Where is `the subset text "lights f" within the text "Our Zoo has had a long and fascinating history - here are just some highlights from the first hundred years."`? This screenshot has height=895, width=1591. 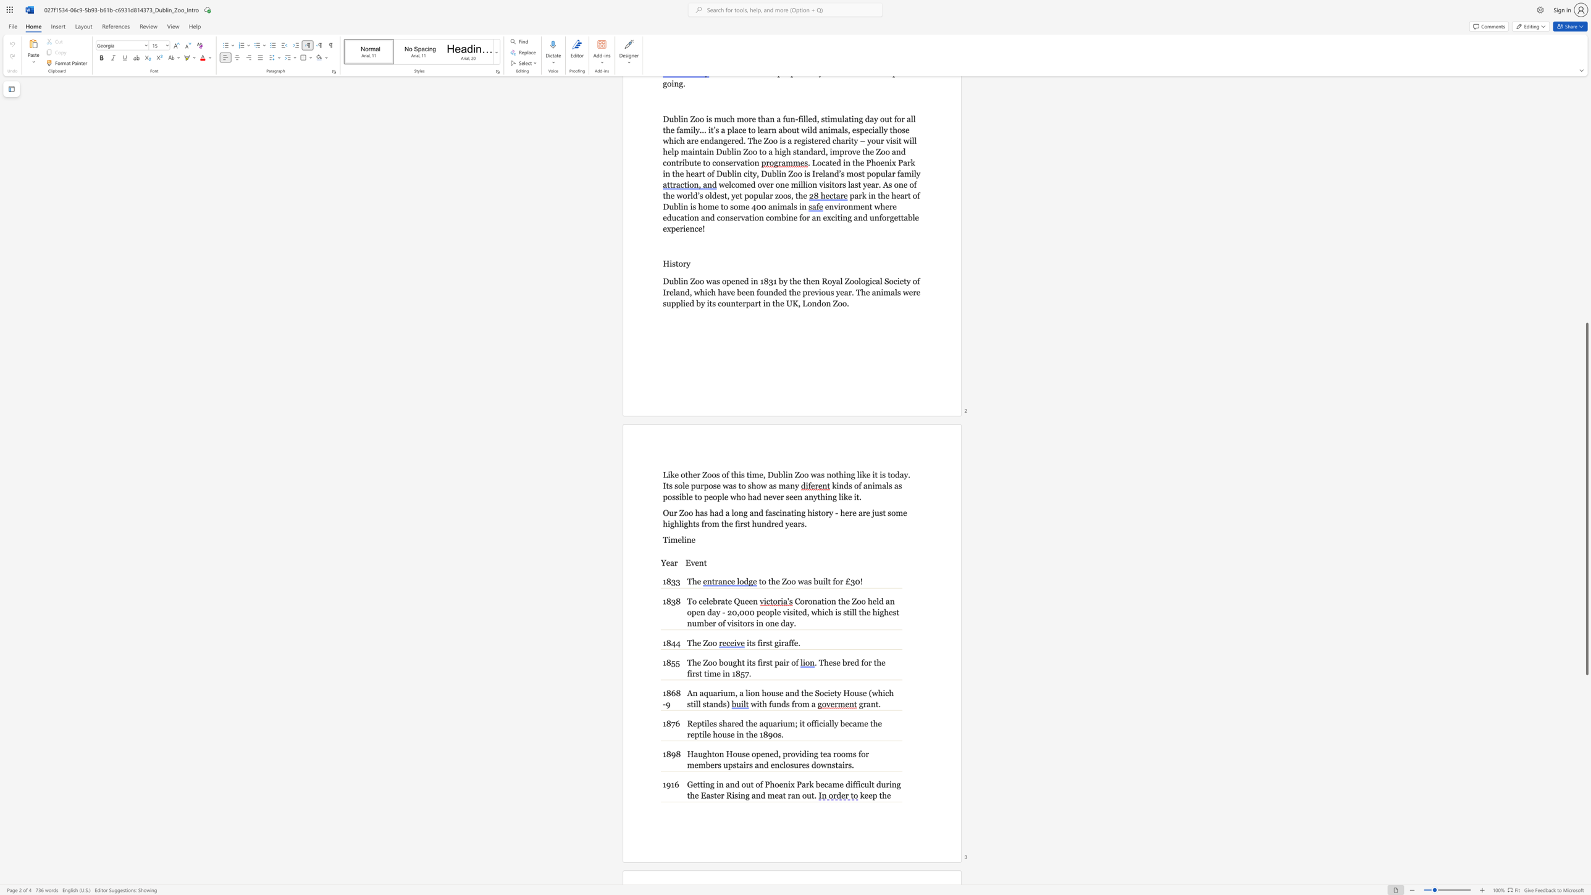 the subset text "lights f" within the text "Our Zoo has had a long and fascinating history - here are just some highlights from the first hundred years." is located at coordinates (679, 523).